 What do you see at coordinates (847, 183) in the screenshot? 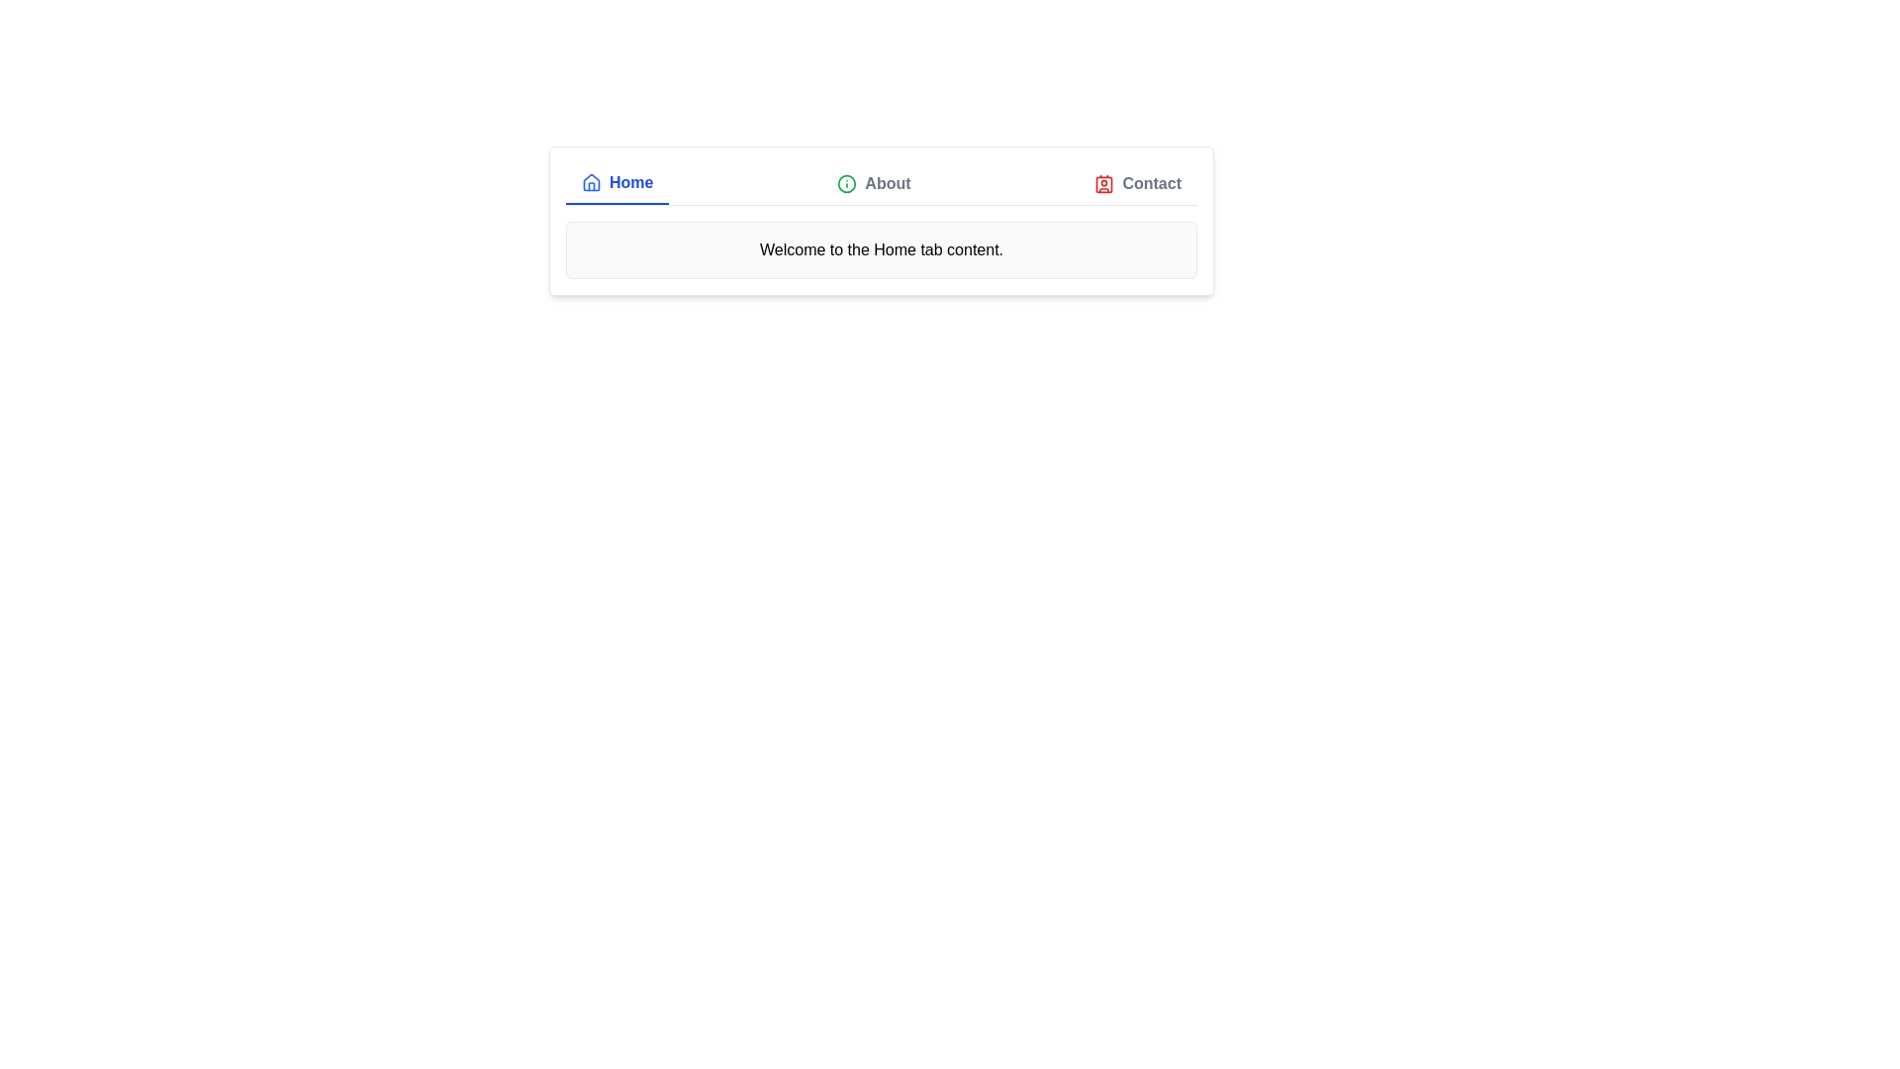
I see `the circular graphical component representing the 'About' tab in the top navigation bar` at bounding box center [847, 183].